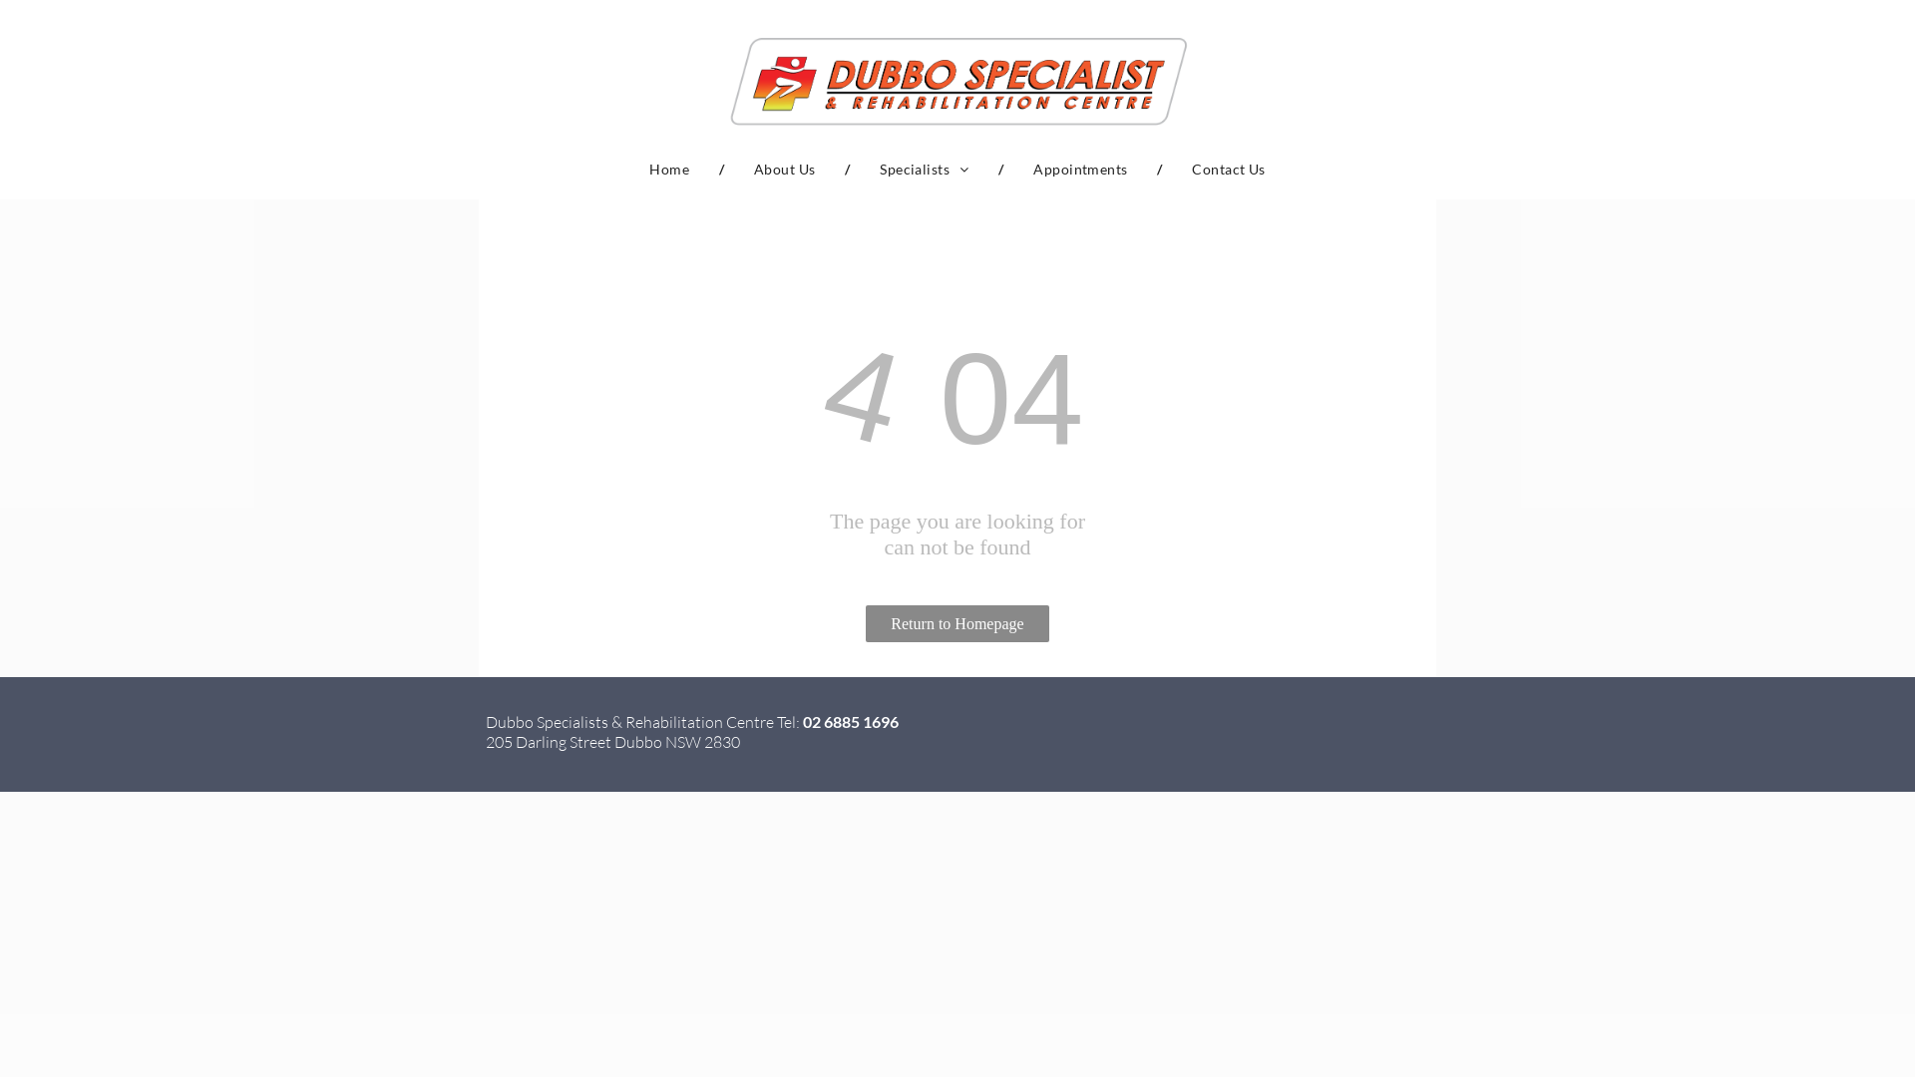  Describe the element at coordinates (1079, 168) in the screenshot. I see `'Appointments'` at that location.